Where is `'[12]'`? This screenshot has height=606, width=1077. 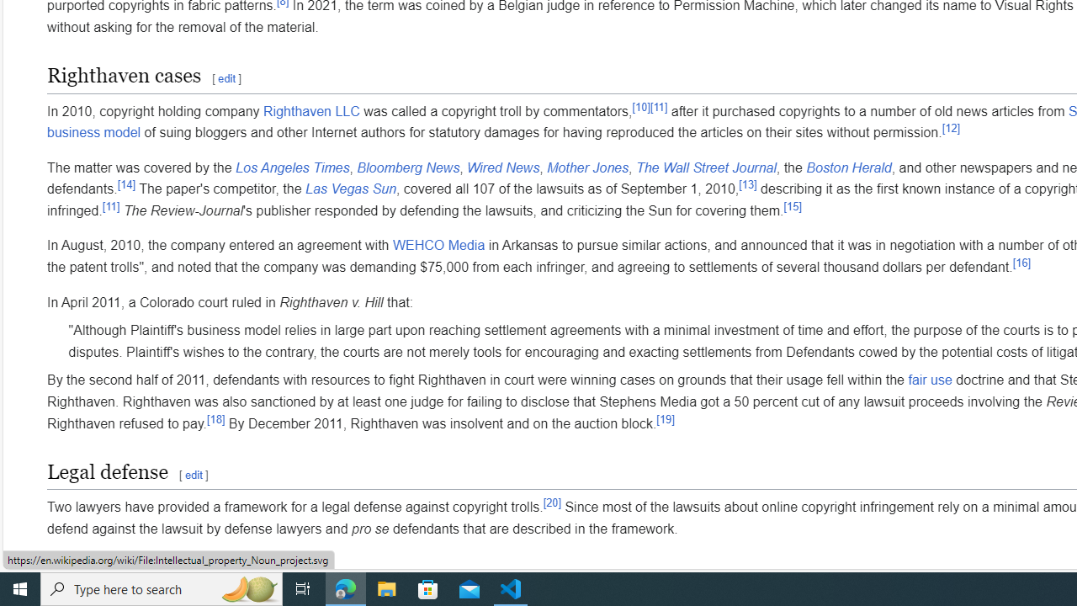 '[12]' is located at coordinates (951, 126).